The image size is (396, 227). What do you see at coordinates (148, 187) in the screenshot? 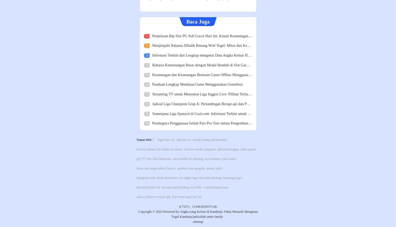
I see `'download judi slot'` at bounding box center [148, 187].